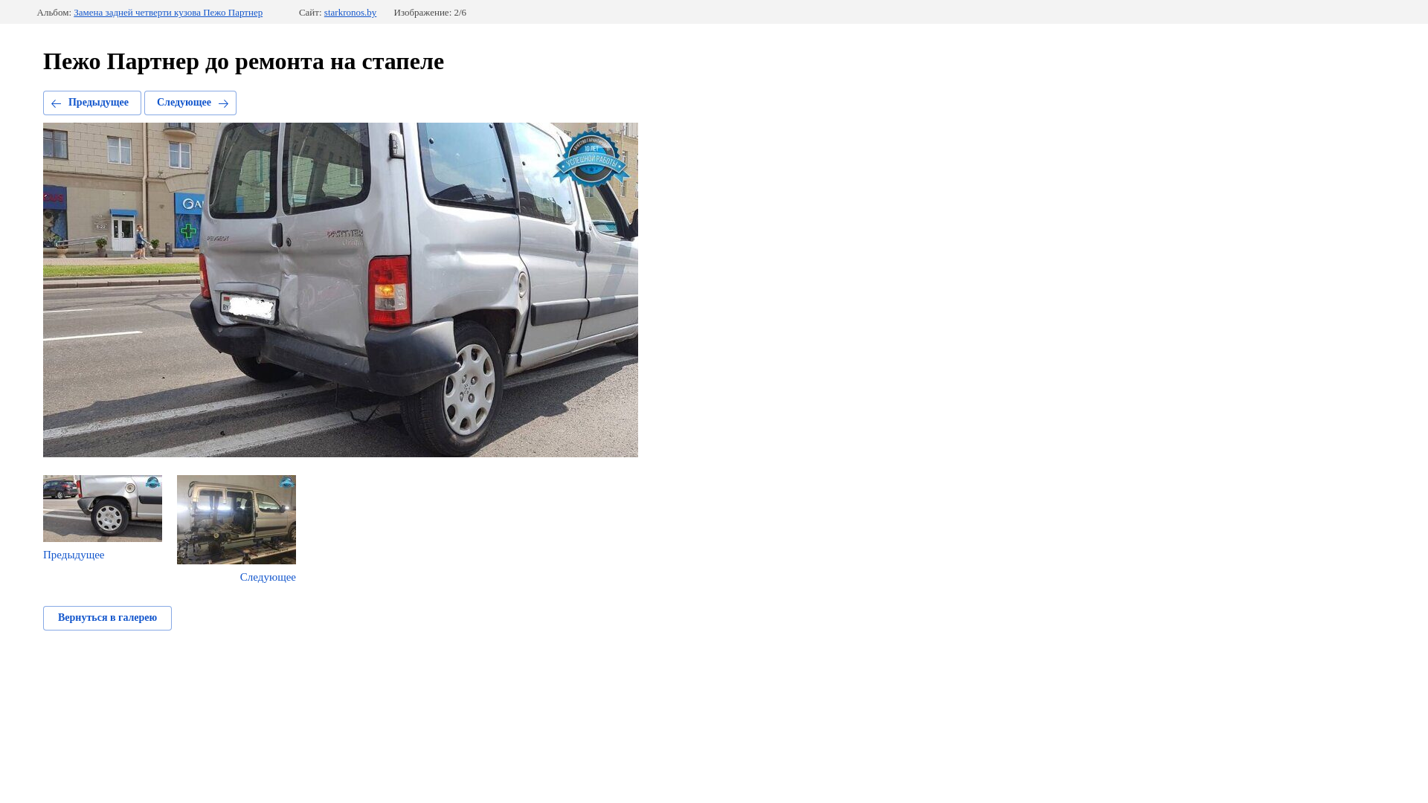 The width and height of the screenshot is (1428, 803). I want to click on 'starkronos.by', so click(349, 12).